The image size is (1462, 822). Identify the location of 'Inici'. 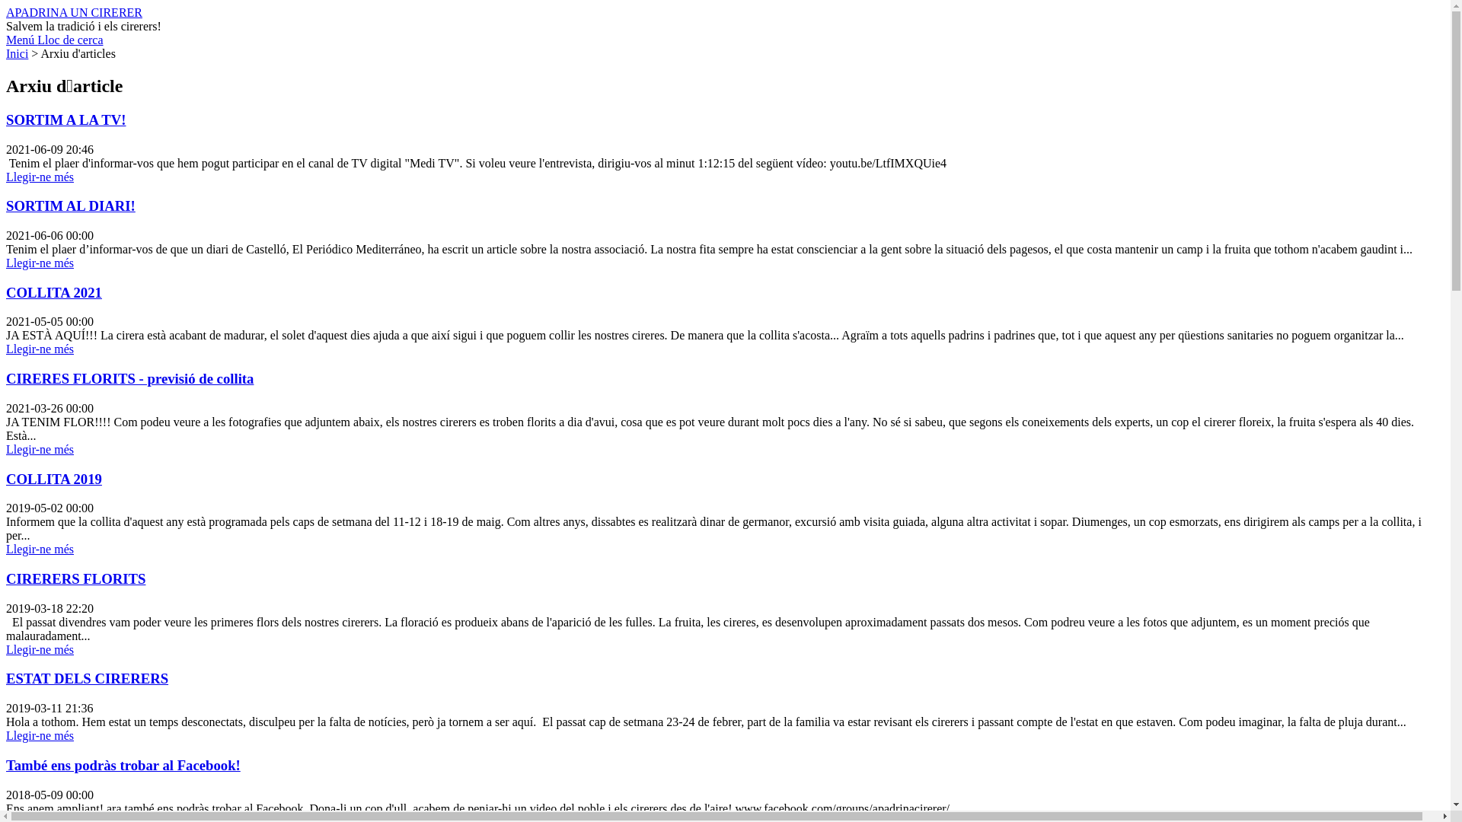
(17, 53).